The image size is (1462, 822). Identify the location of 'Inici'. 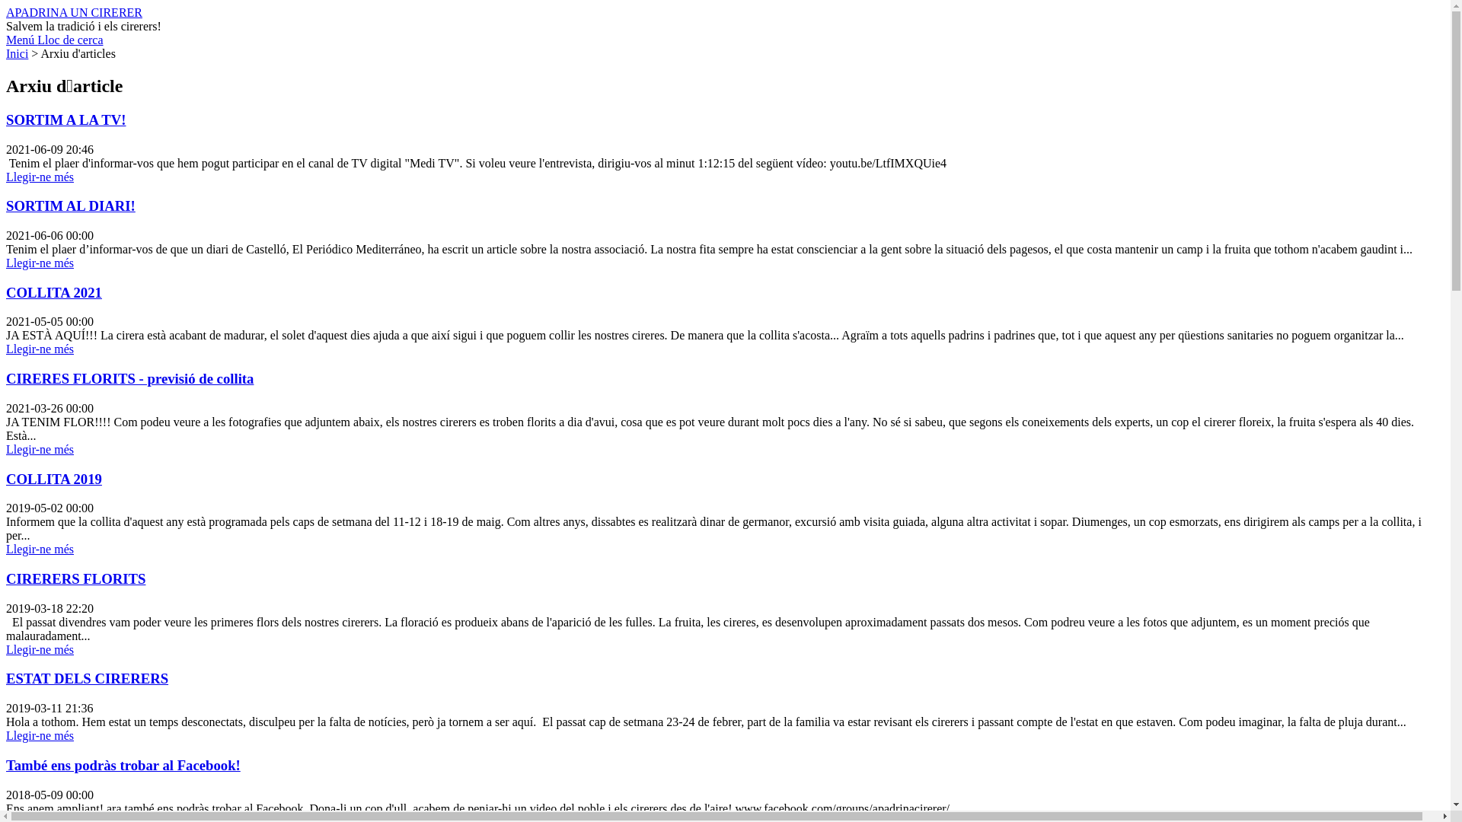
(17, 53).